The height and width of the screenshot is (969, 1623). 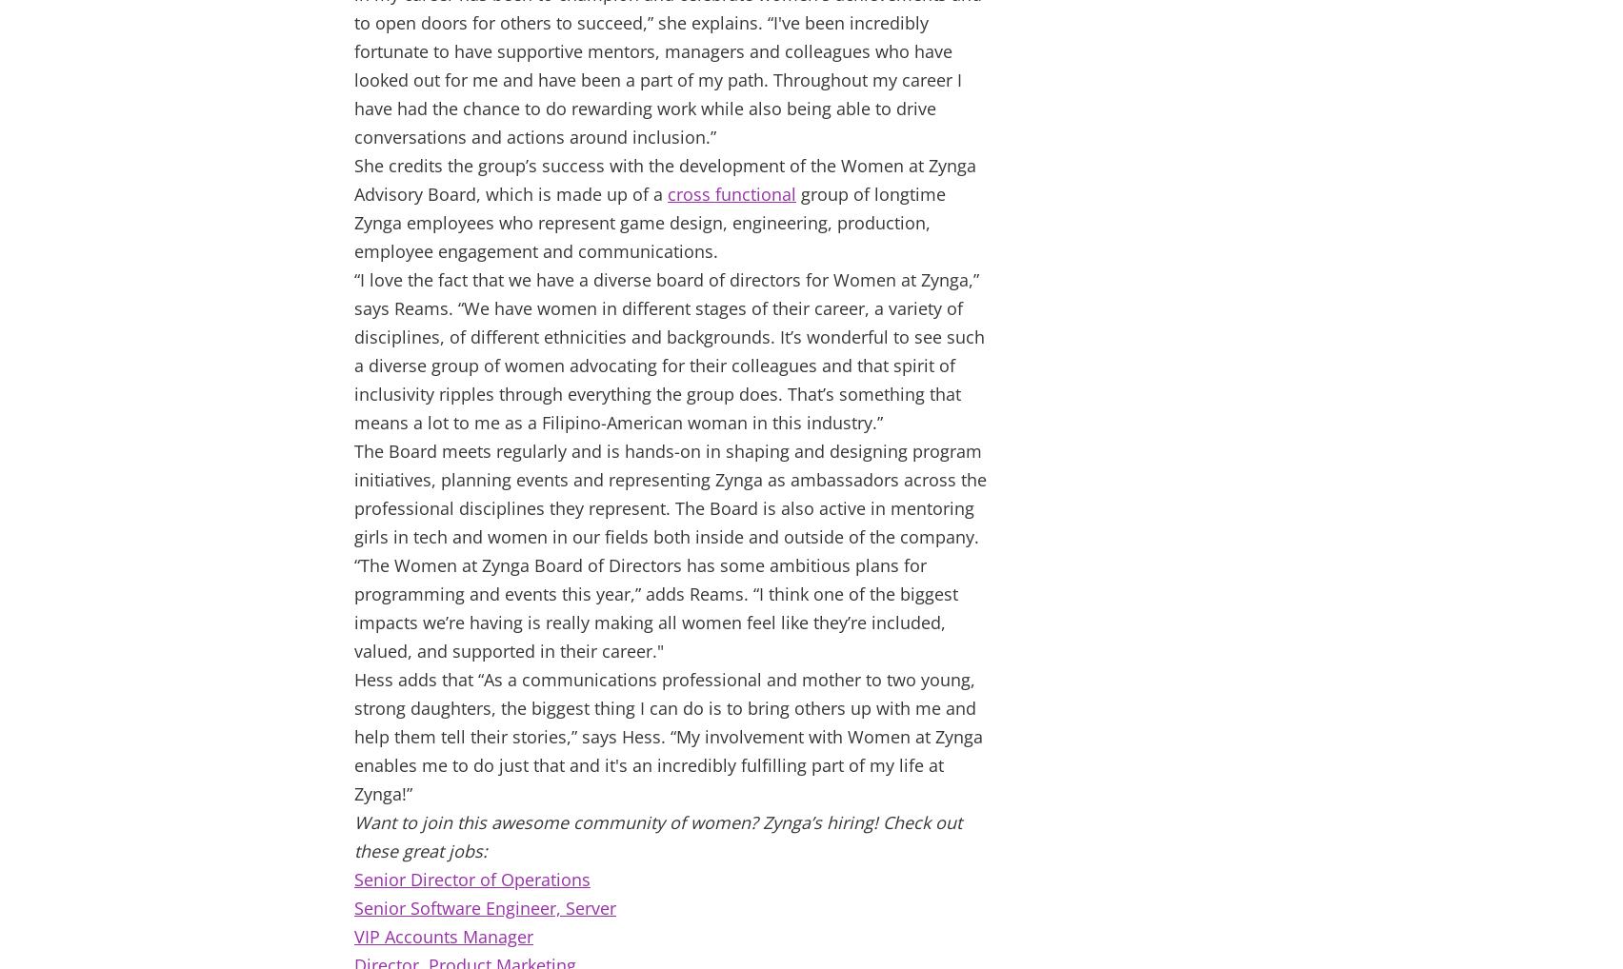 What do you see at coordinates (485, 906) in the screenshot?
I see `'Senior Software Engineer, Server'` at bounding box center [485, 906].